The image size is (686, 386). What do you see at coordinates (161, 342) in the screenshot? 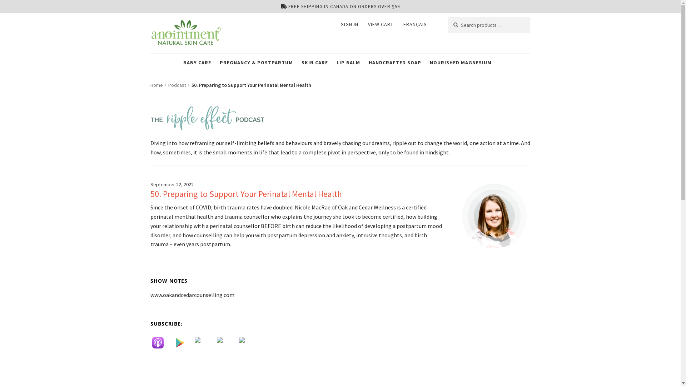
I see `'Apple-Podcasts'` at bounding box center [161, 342].